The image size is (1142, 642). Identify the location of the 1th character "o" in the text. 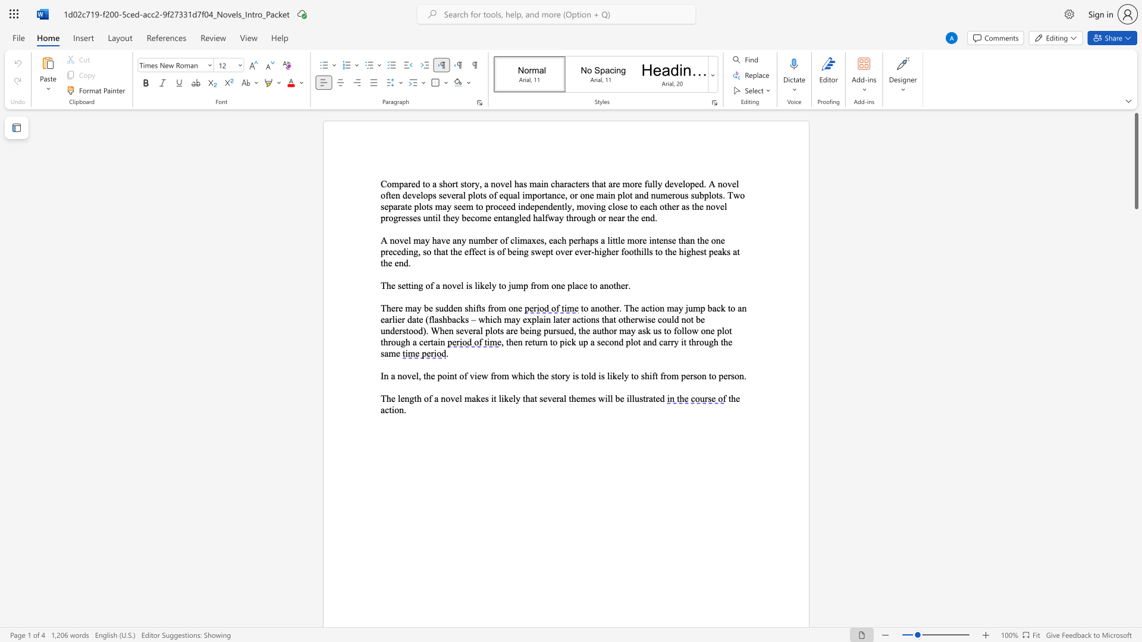
(714, 194).